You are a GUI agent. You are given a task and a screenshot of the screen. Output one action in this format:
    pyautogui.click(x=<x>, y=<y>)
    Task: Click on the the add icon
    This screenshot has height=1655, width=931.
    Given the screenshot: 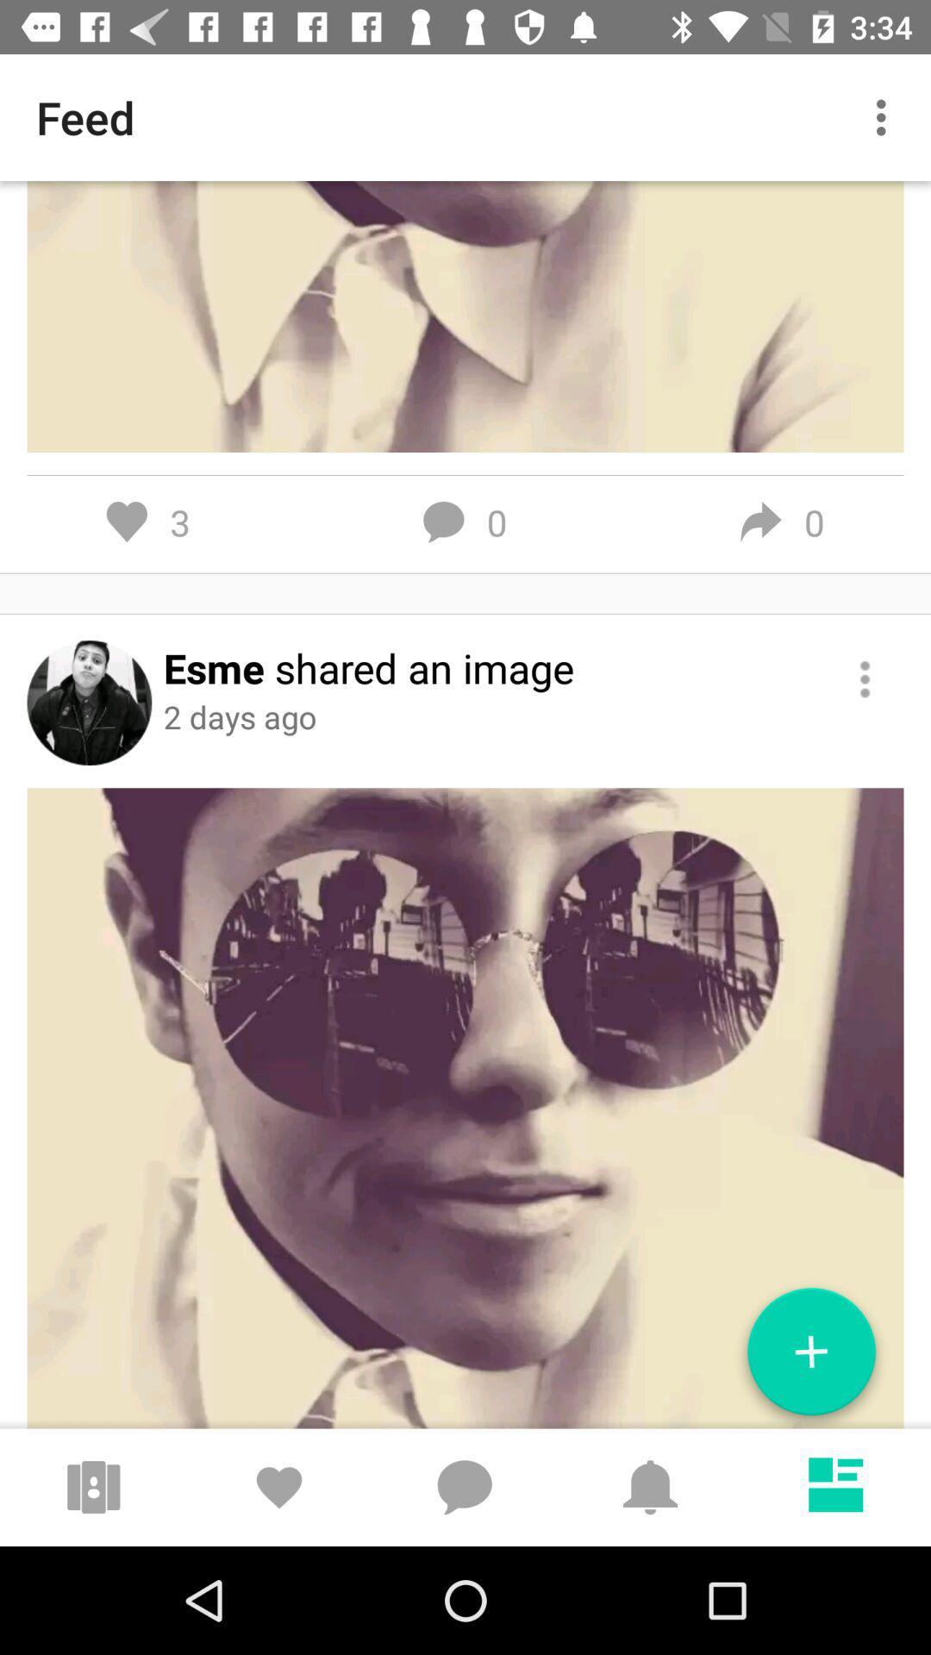 What is the action you would take?
    pyautogui.click(x=811, y=1358)
    